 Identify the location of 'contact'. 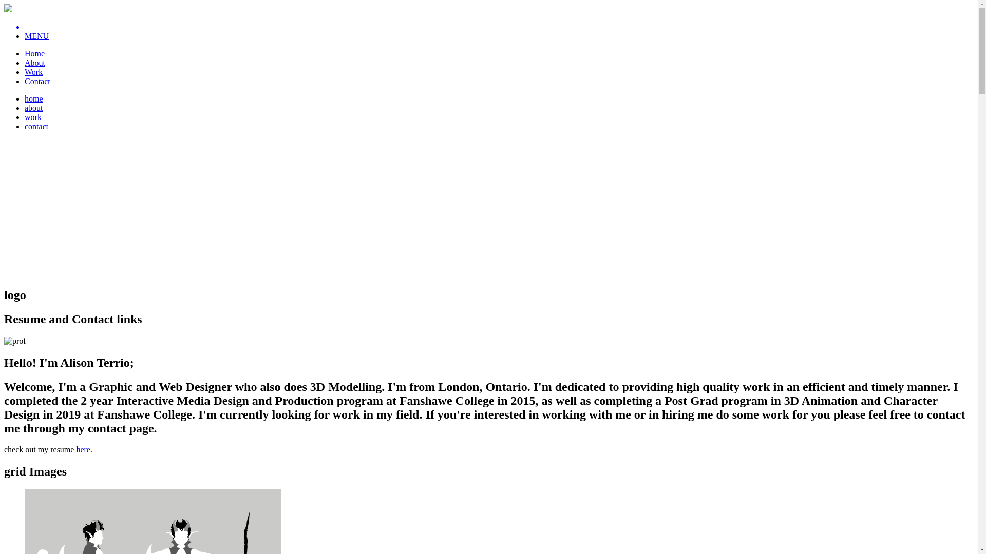
(36, 126).